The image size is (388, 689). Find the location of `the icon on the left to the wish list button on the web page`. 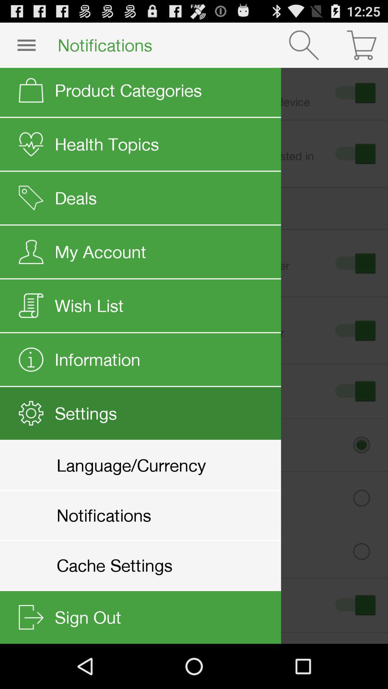

the icon on the left to the wish list button on the web page is located at coordinates (32, 305).